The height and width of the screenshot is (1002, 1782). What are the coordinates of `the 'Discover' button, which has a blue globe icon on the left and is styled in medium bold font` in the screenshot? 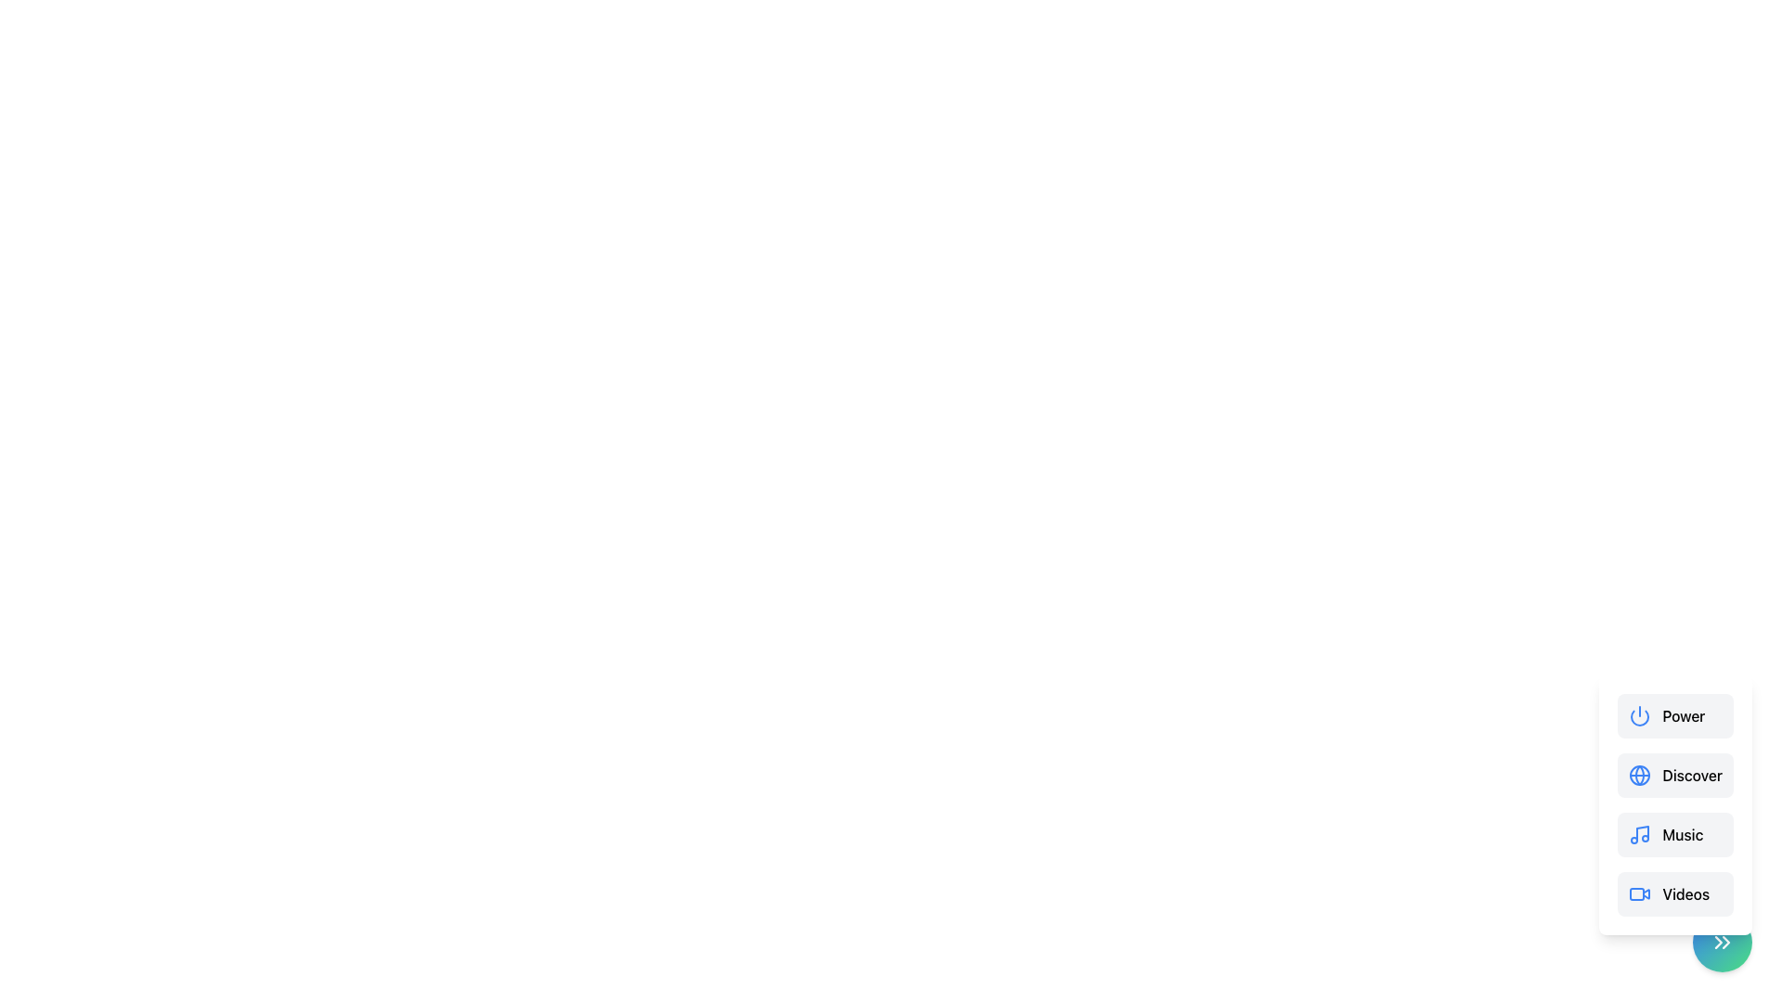 It's located at (1675, 776).